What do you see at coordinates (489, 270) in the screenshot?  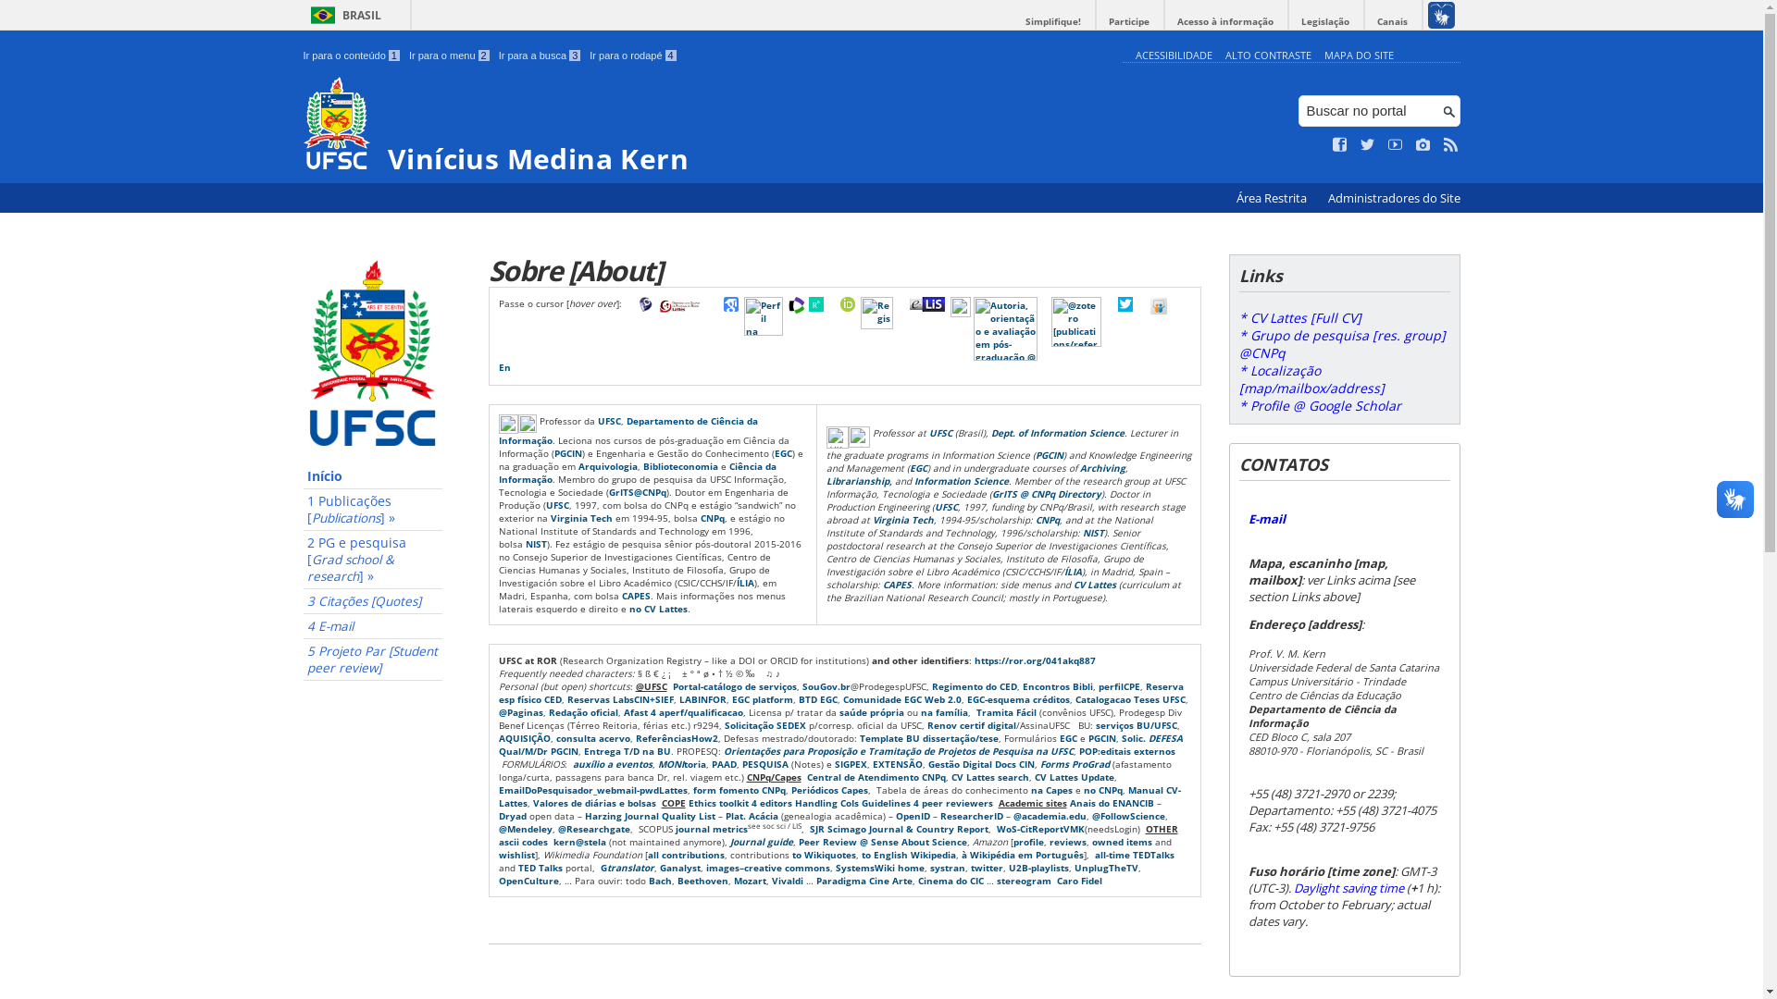 I see `'Sobre [About]'` at bounding box center [489, 270].